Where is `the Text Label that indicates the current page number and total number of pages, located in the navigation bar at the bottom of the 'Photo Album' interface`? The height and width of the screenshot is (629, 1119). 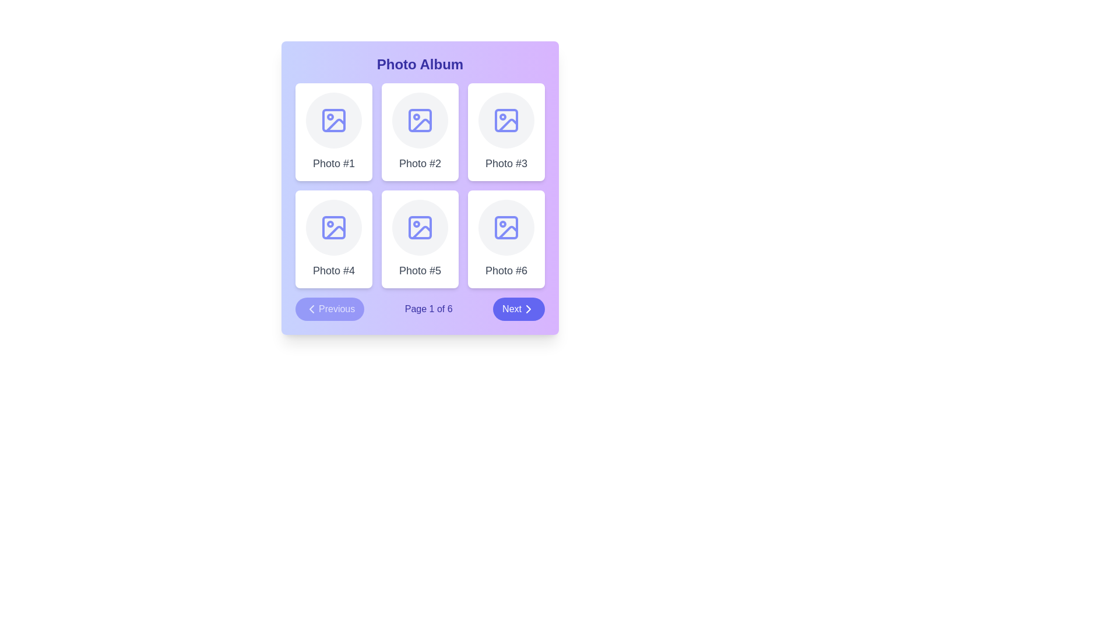
the Text Label that indicates the current page number and total number of pages, located in the navigation bar at the bottom of the 'Photo Album' interface is located at coordinates (428, 309).